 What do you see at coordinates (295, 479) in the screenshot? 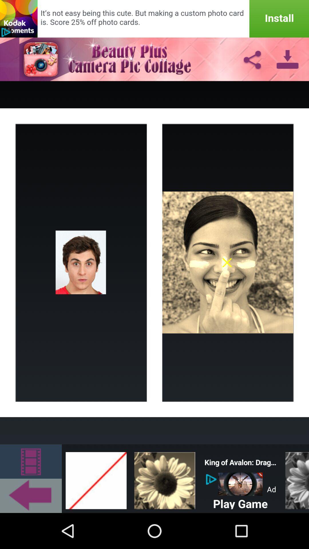
I see `image right to play game option` at bounding box center [295, 479].